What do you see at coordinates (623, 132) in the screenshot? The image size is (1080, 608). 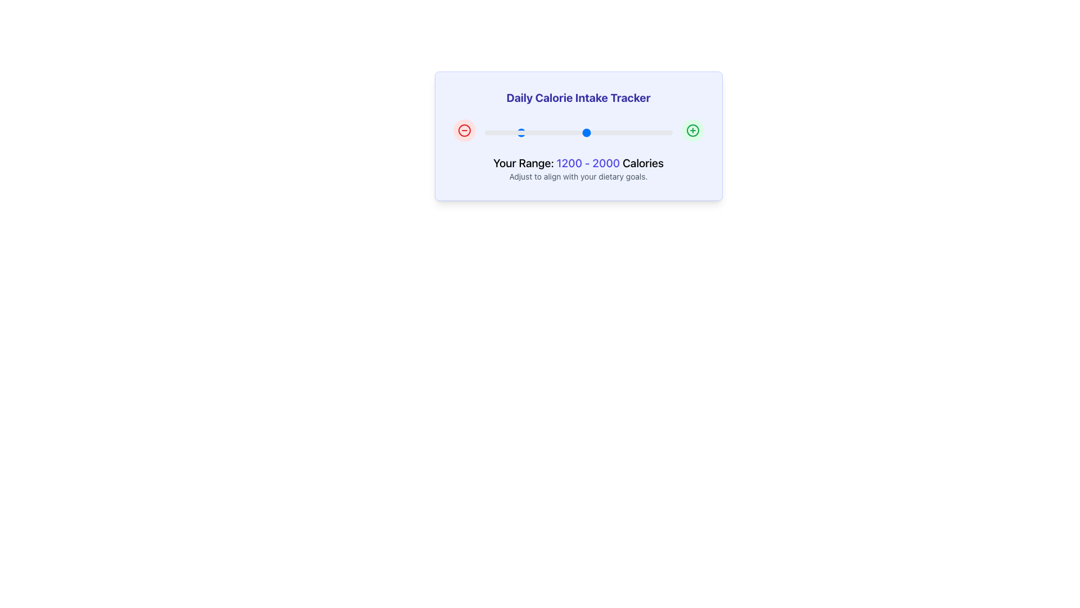 I see `the calorie value` at bounding box center [623, 132].